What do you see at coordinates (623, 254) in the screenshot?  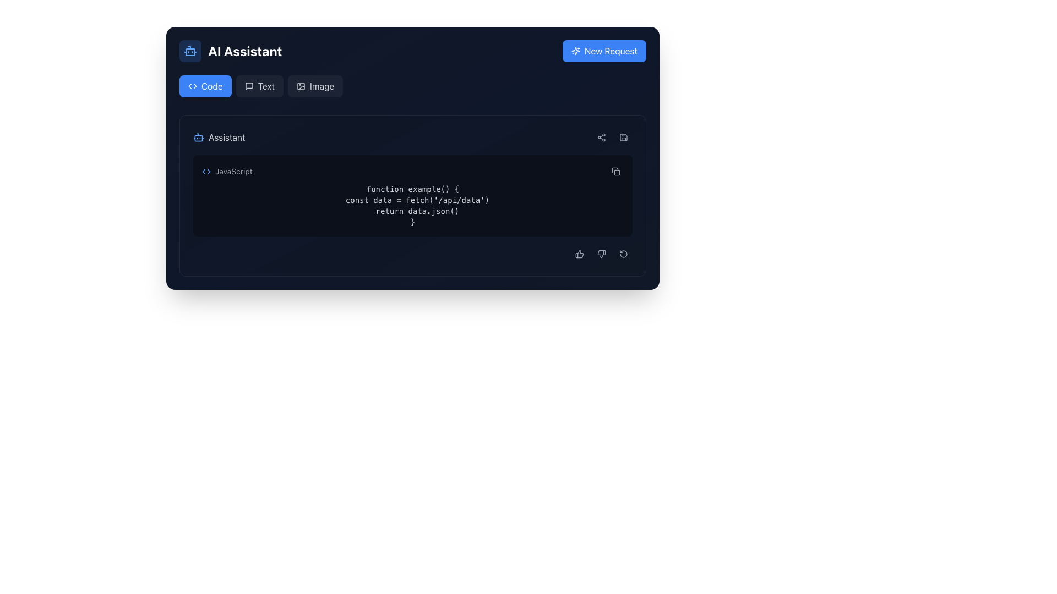 I see `the circular button with a counter-clockwise rotation arrow, located at the bottom right corner of the dark-themed interface` at bounding box center [623, 254].